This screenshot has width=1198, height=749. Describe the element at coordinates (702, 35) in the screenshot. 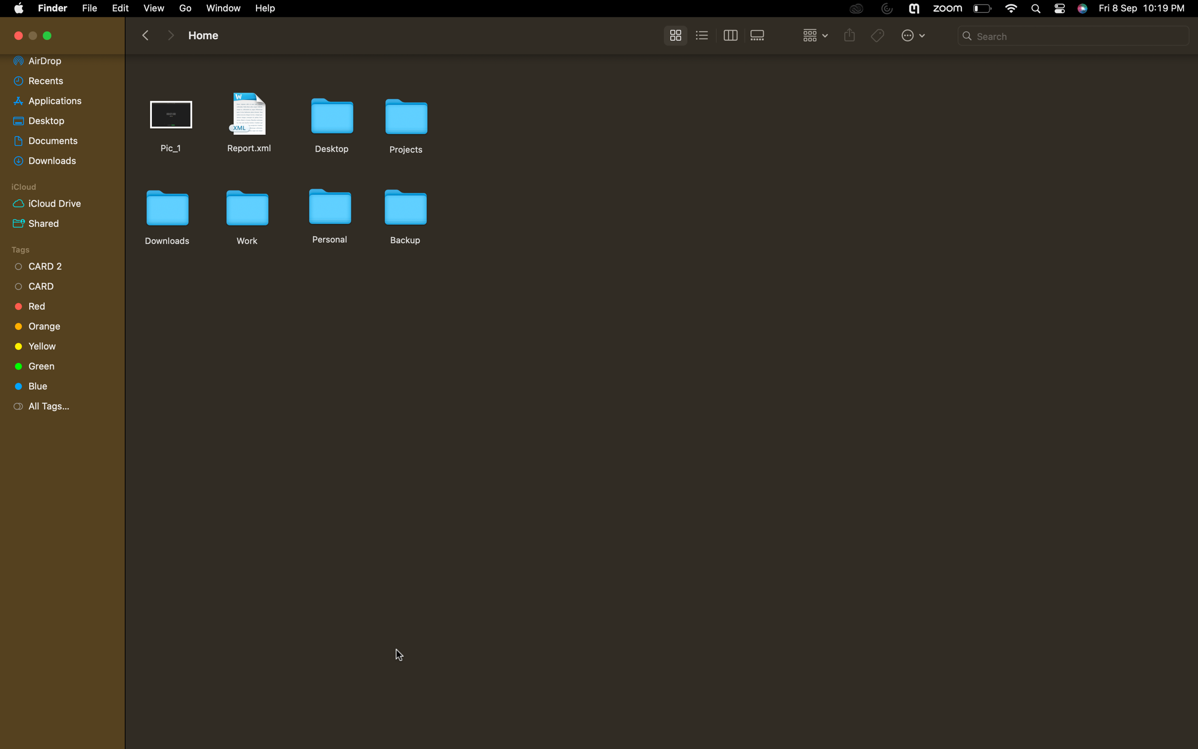

I see `Change to list view format` at that location.